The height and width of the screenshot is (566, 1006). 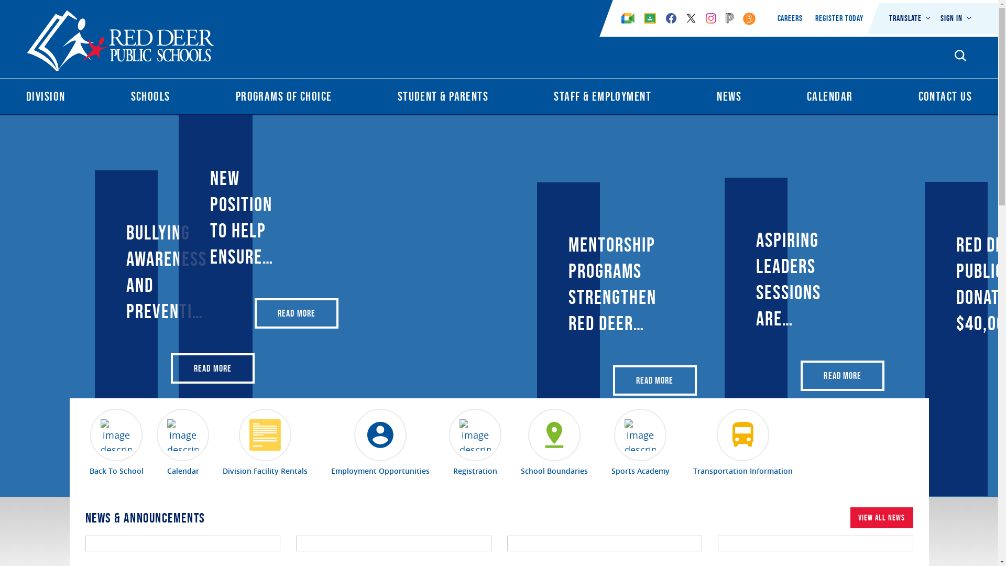 What do you see at coordinates (45, 99) in the screenshot?
I see `'Division'` at bounding box center [45, 99].